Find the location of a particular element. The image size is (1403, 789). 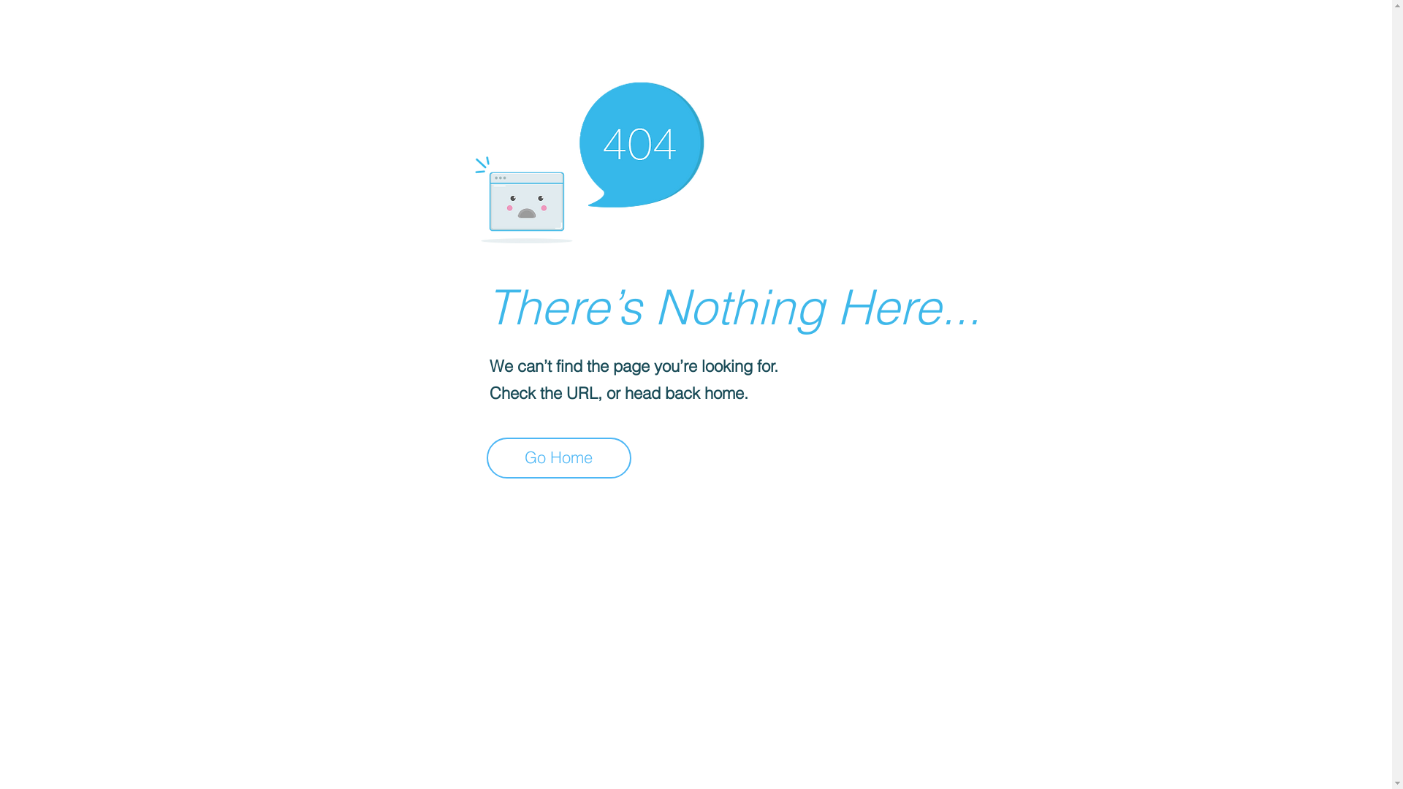

'404-icon_2.png' is located at coordinates (588, 159).